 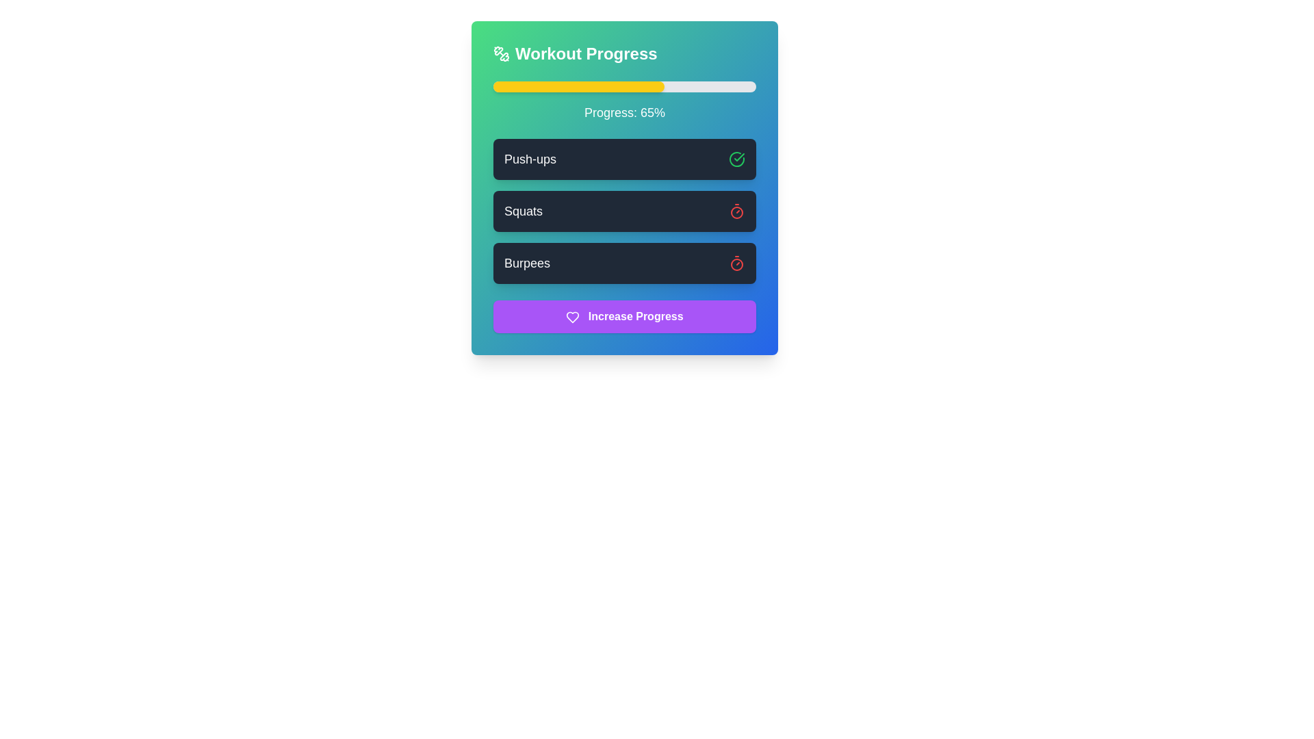 What do you see at coordinates (623, 112) in the screenshot?
I see `the Text Display that indicates the current progress percentage, which is located below the progress bar and above the exercise list, to potentially see more details` at bounding box center [623, 112].